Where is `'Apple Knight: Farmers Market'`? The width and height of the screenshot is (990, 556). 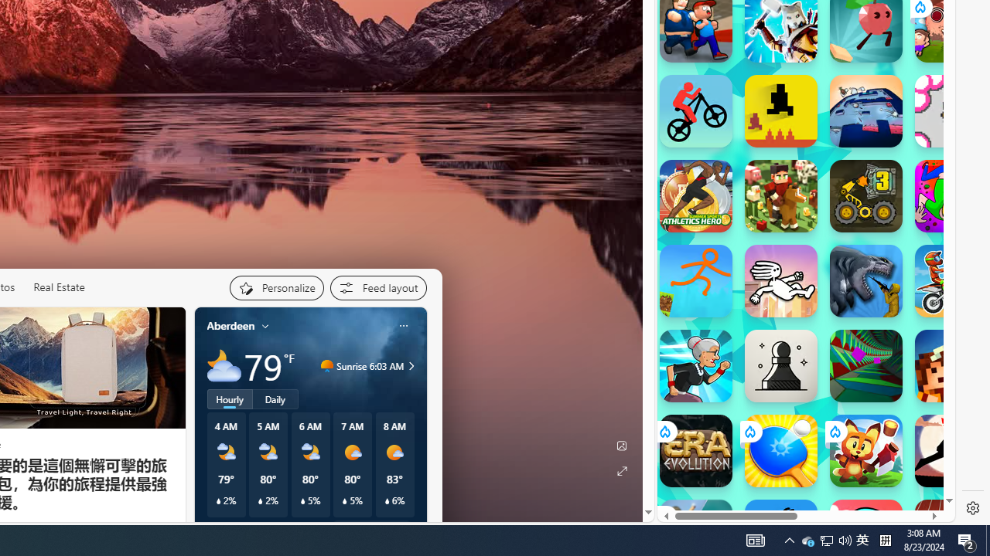 'Apple Knight: Farmers Market' is located at coordinates (780, 195).